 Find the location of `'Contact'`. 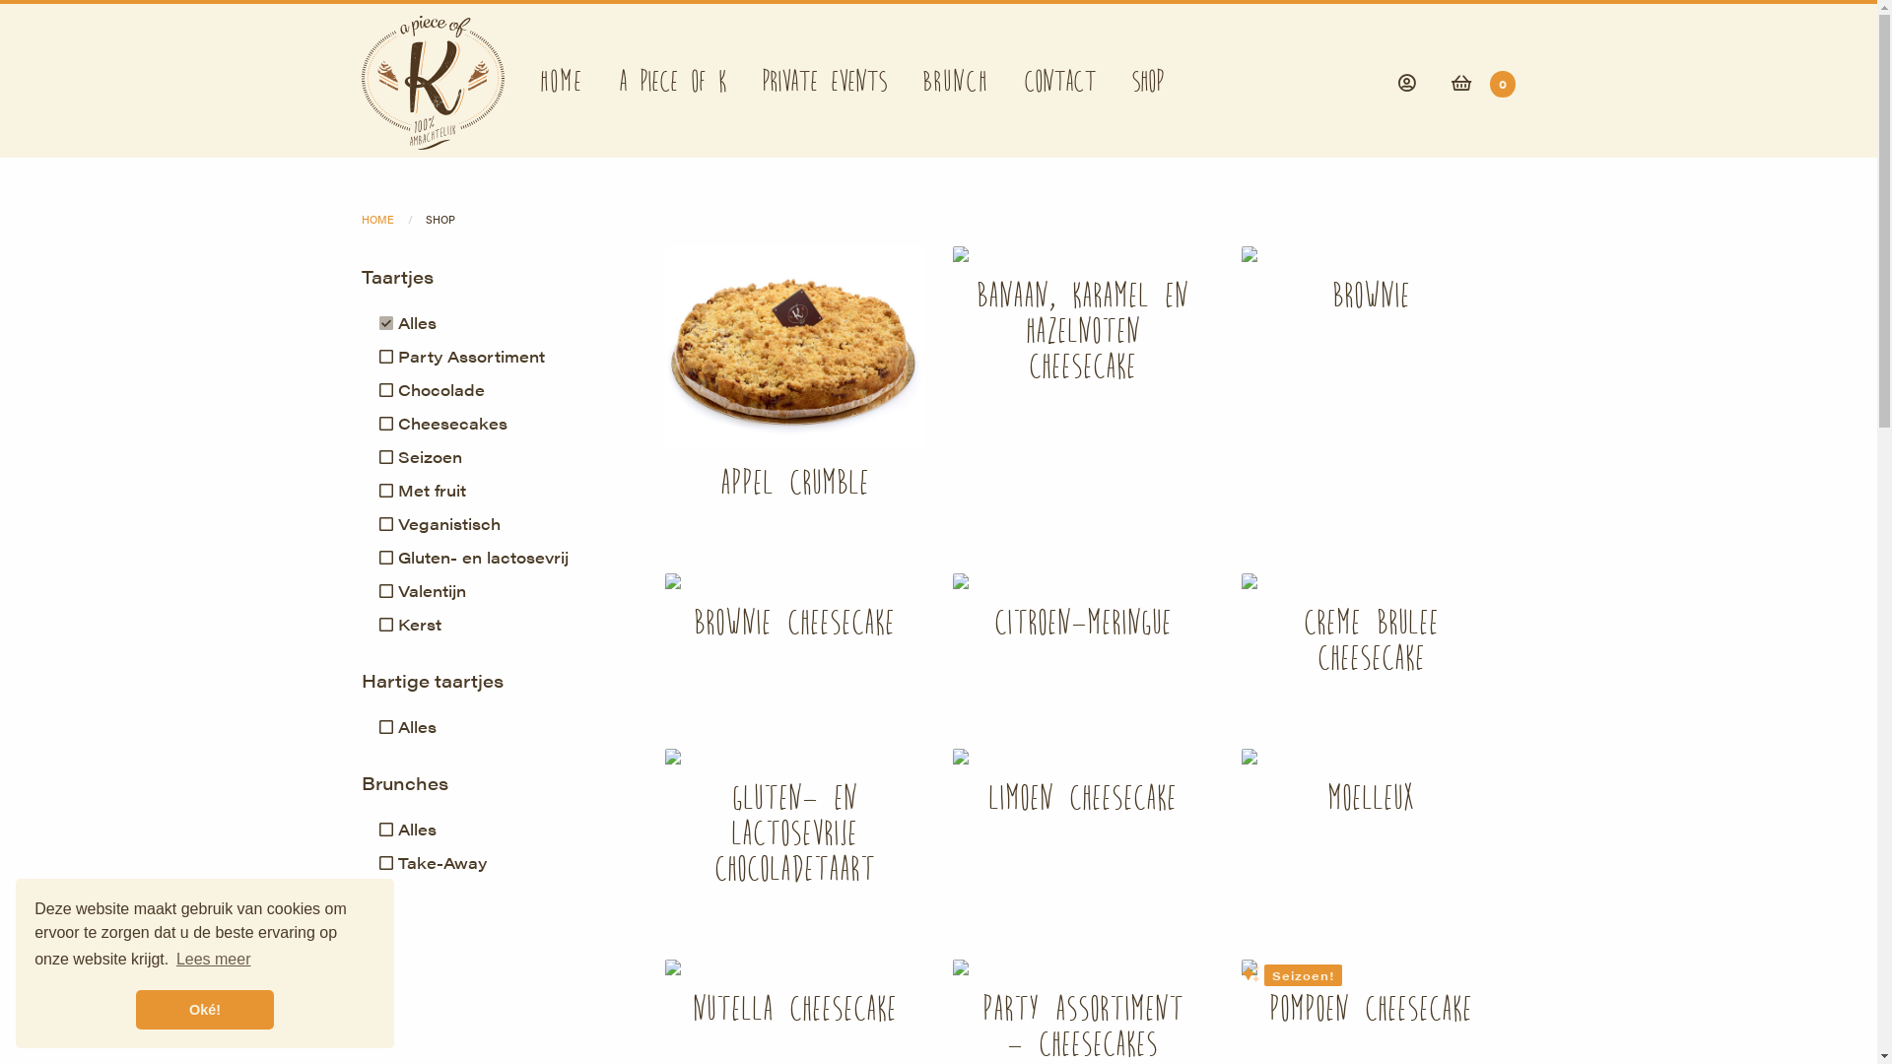

'Contact' is located at coordinates (1058, 82).